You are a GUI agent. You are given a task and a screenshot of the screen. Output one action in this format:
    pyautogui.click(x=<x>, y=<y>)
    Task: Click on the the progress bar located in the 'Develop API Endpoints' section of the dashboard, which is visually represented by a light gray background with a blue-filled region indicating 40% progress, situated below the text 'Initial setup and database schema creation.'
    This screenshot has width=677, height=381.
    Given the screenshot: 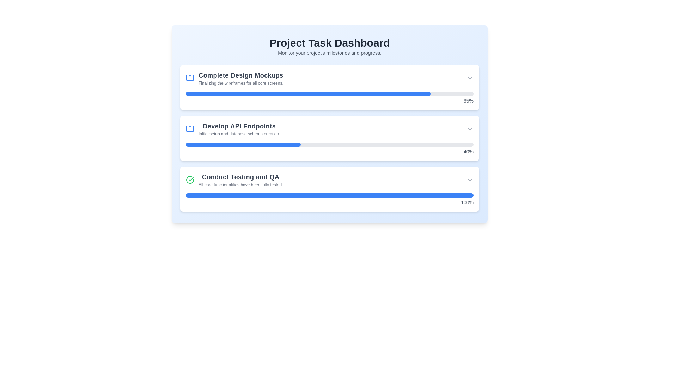 What is the action you would take?
    pyautogui.click(x=329, y=144)
    